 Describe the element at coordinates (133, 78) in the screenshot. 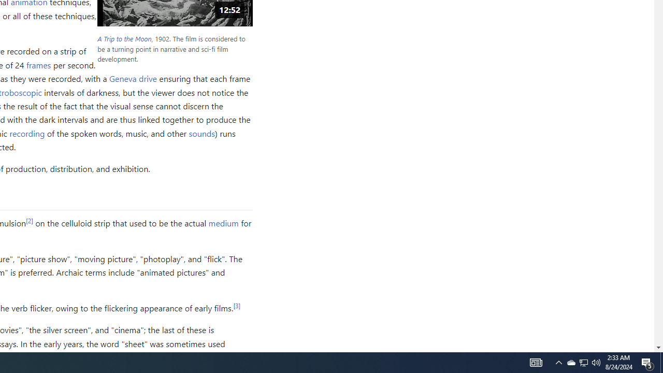

I see `'Geneva drive'` at that location.